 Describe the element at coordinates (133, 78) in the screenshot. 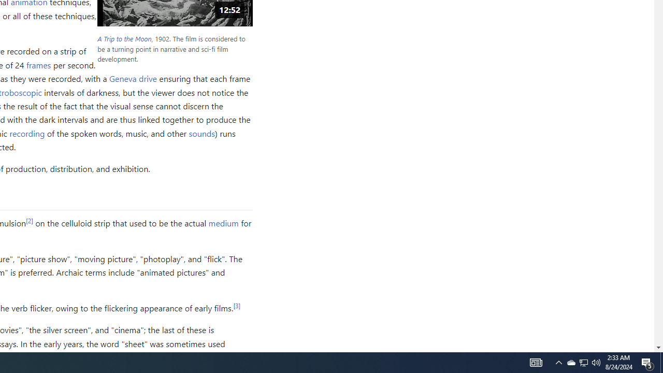

I see `'Geneva drive'` at that location.